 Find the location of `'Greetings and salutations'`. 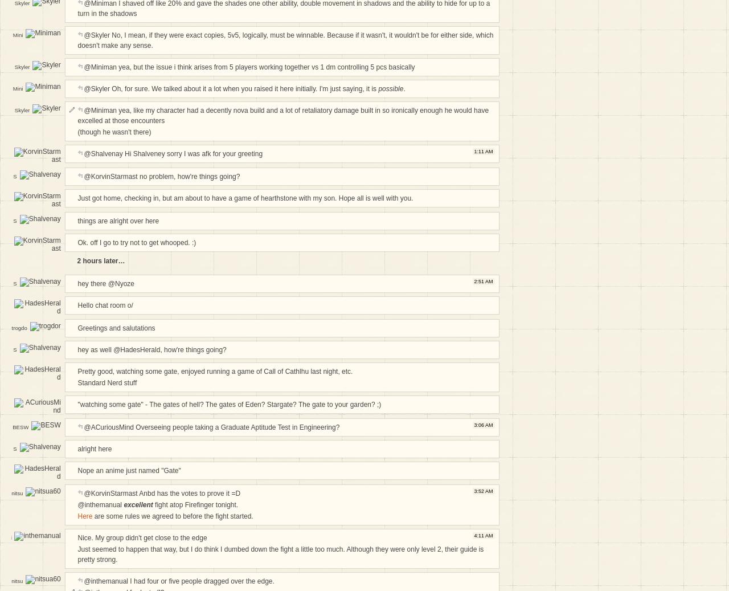

'Greetings and salutations' is located at coordinates (116, 328).